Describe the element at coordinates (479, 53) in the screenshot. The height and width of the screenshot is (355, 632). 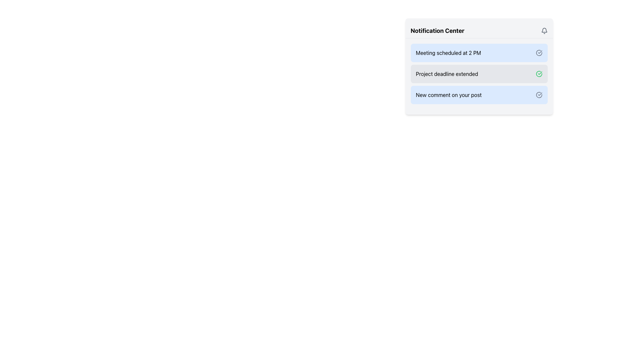
I see `the text 'Meeting scheduled at 2 PM' in the Notification card` at that location.